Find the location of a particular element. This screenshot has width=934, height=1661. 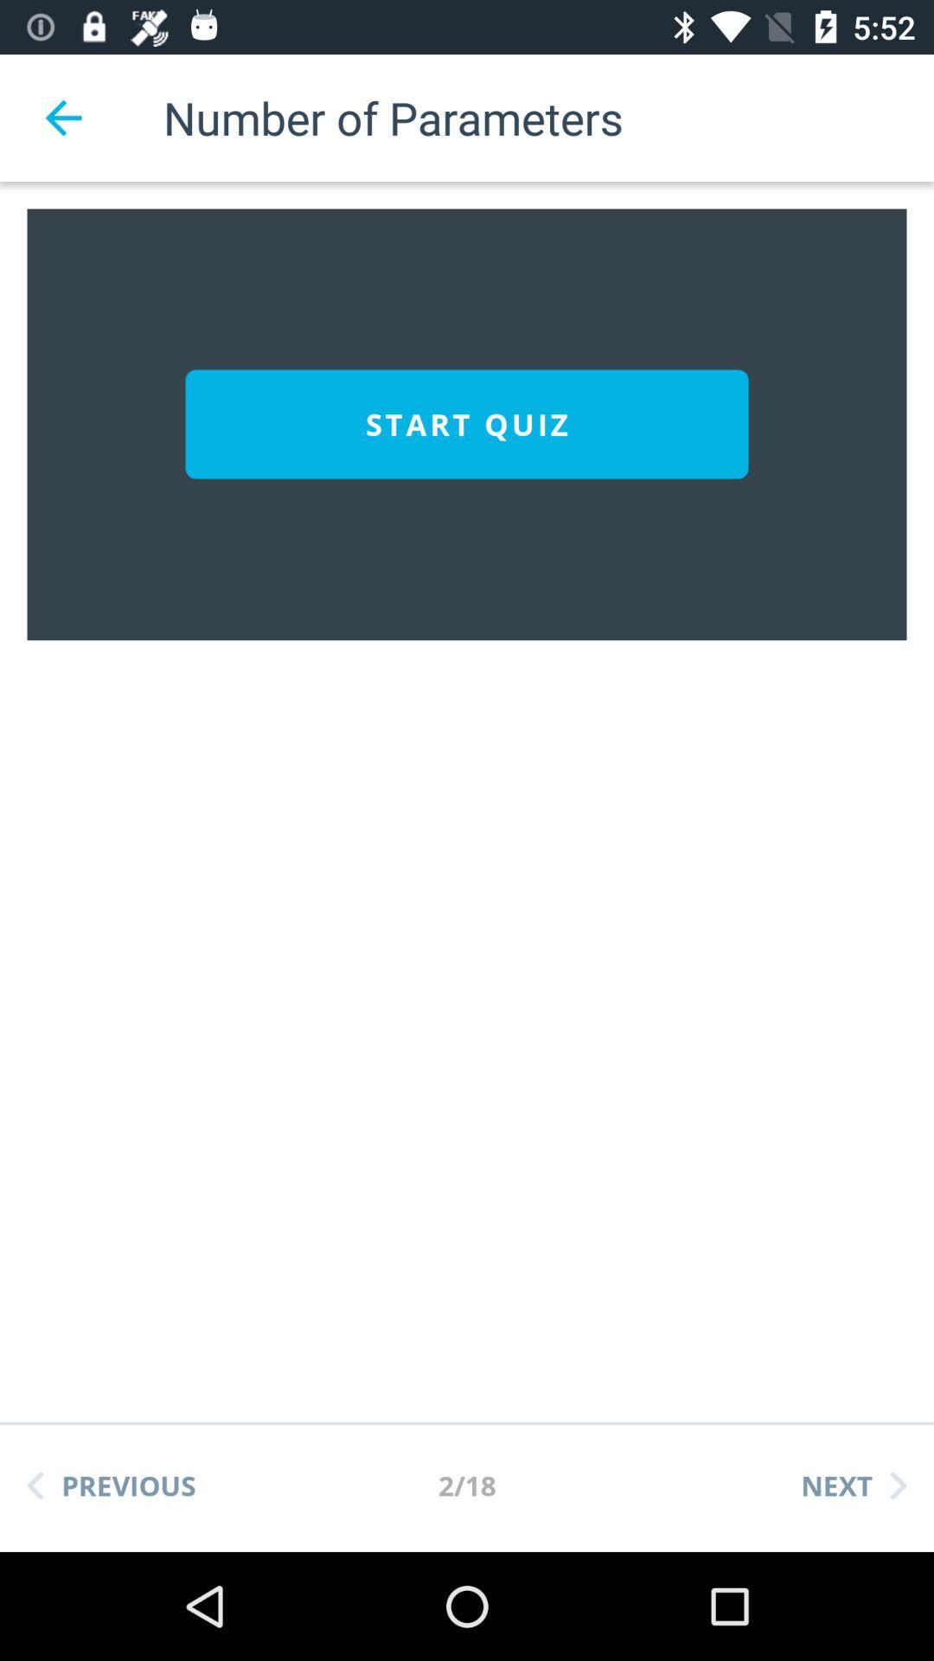

the next icon is located at coordinates (853, 1485).